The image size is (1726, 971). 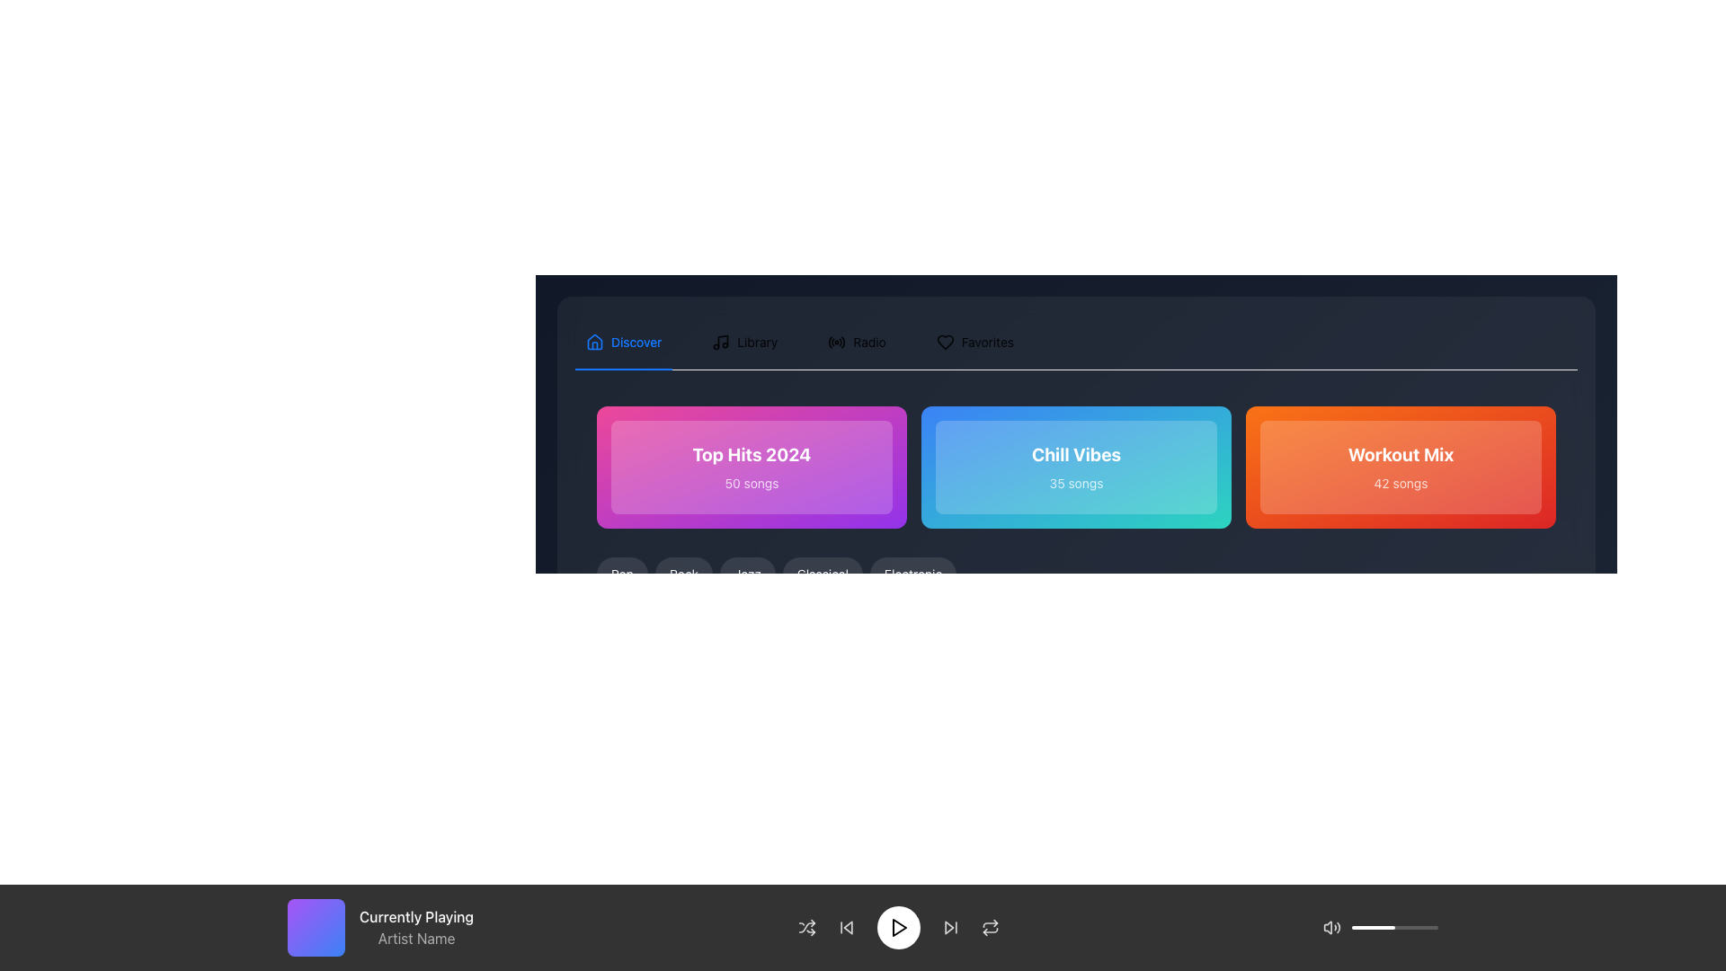 What do you see at coordinates (1434, 928) in the screenshot?
I see `the slider position` at bounding box center [1434, 928].